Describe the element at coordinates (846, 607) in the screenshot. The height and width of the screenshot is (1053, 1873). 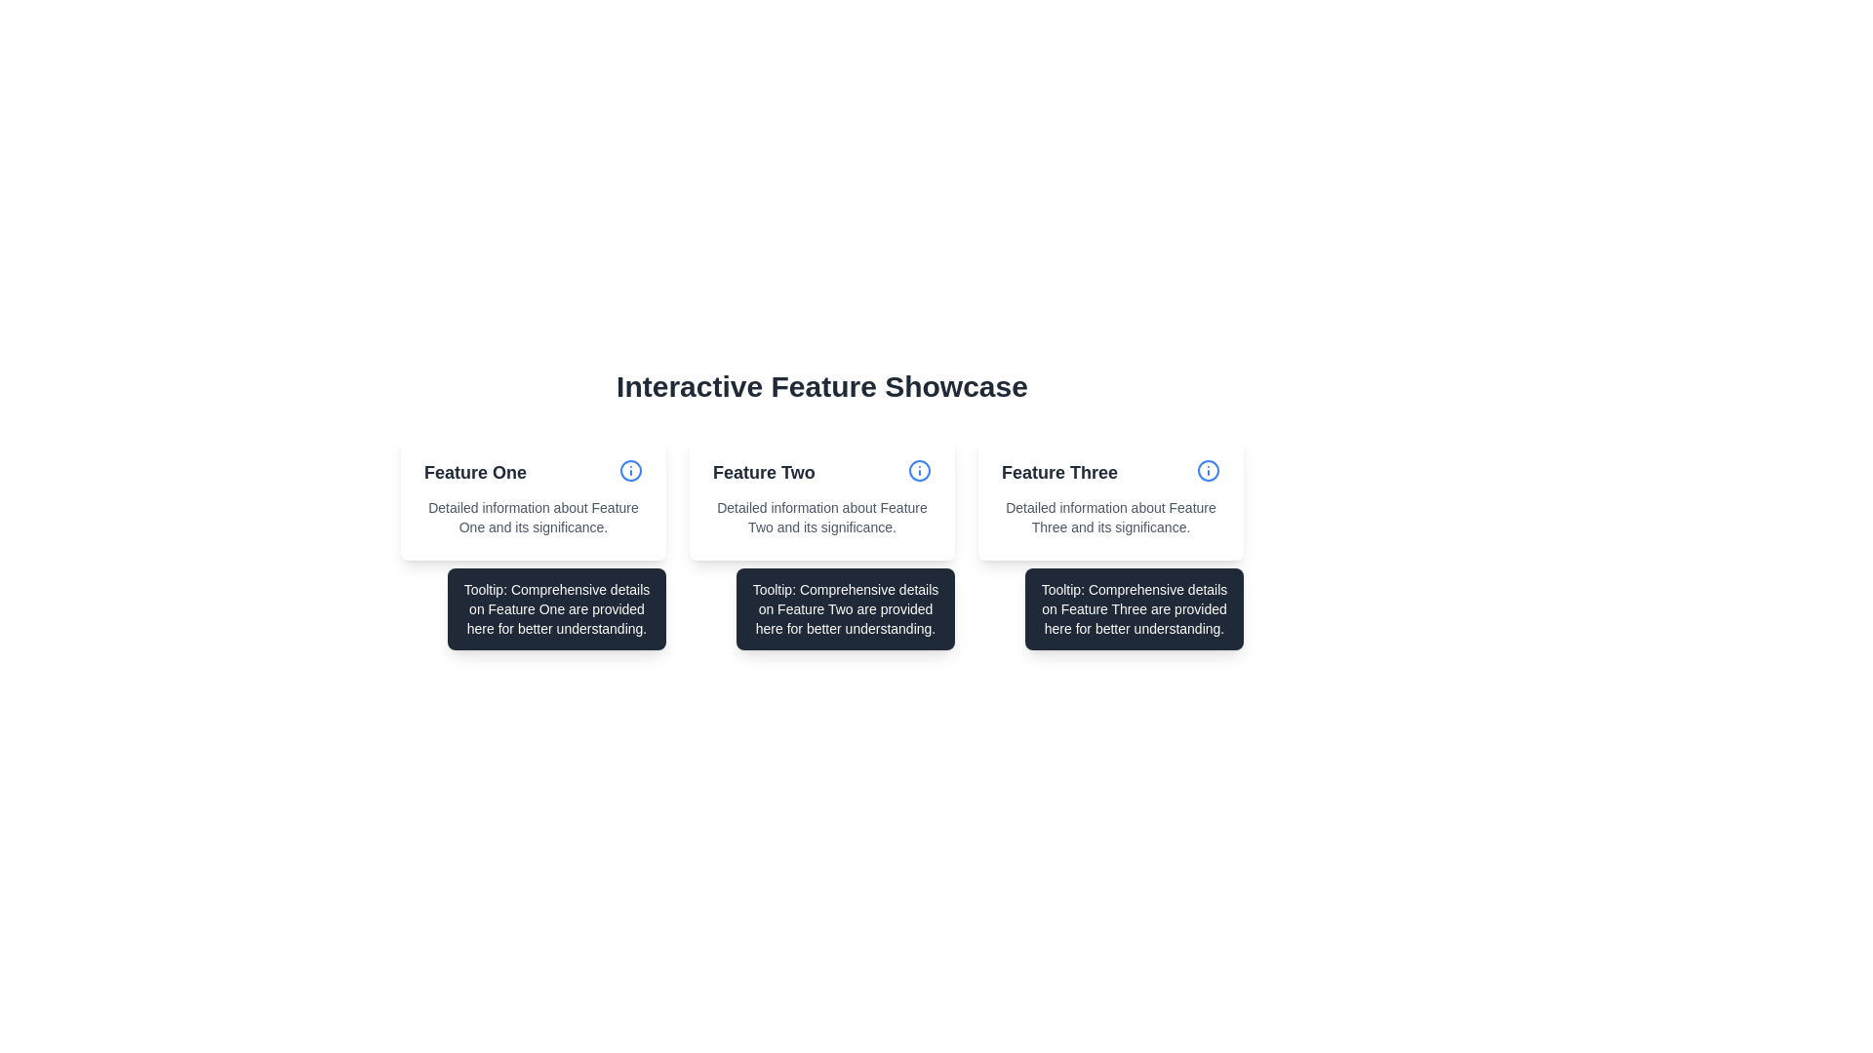
I see `the tooltip with a dark gray background and white text that provides comprehensive details on Feature Two, positioned below the 'Feature Two' section` at that location.